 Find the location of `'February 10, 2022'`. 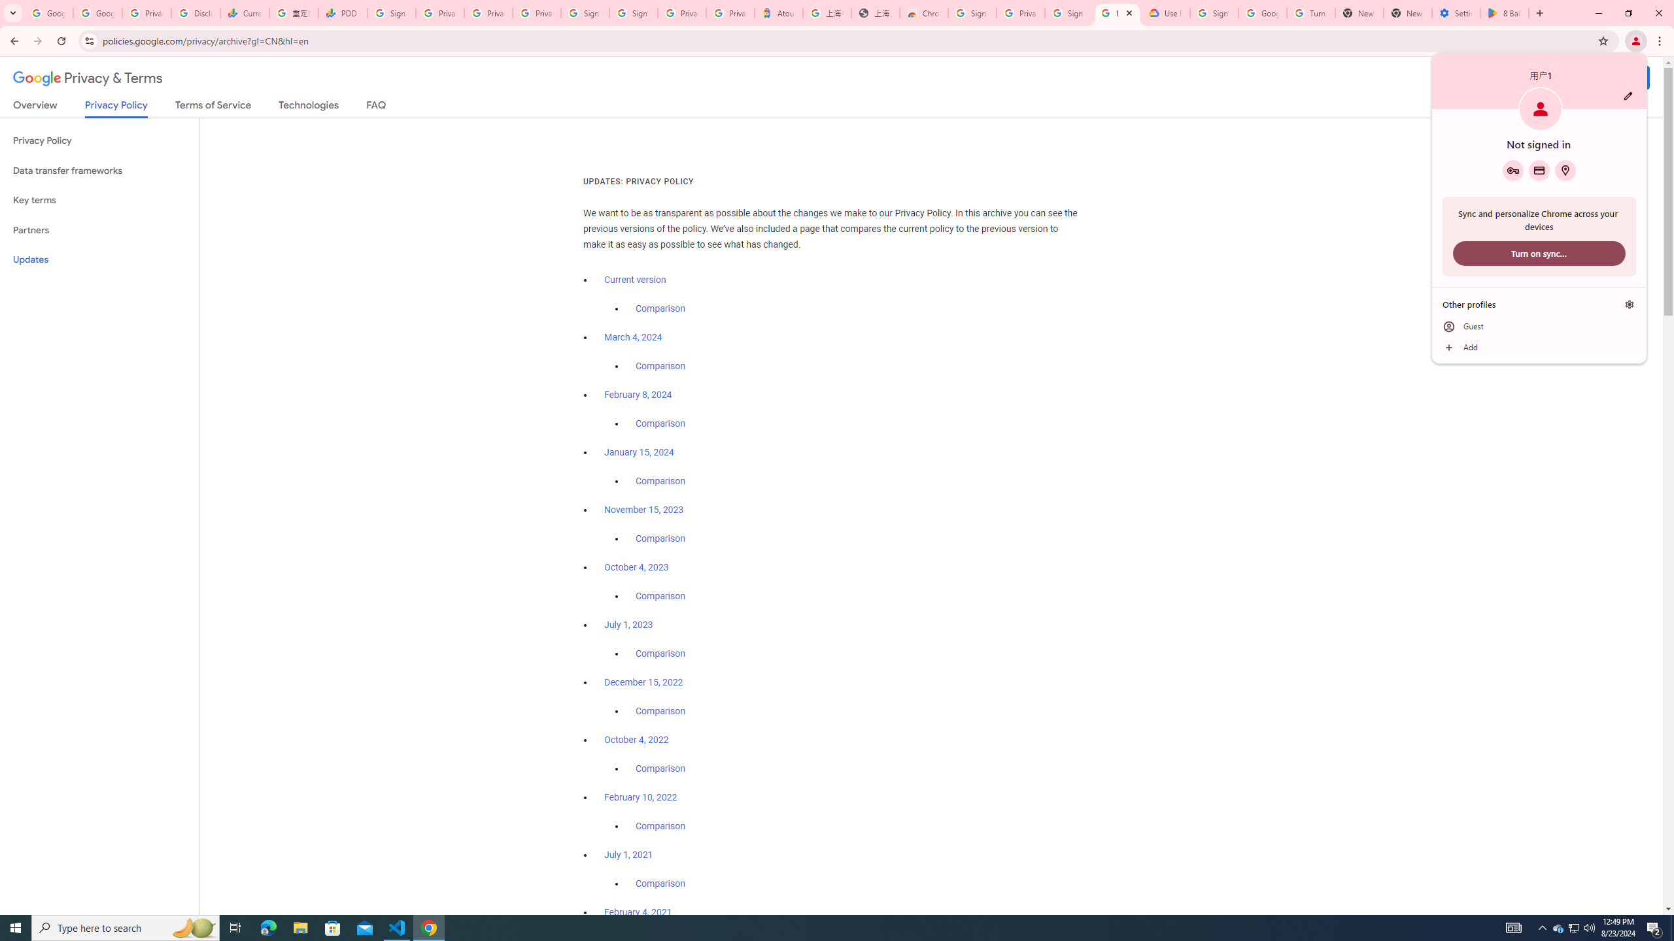

'February 10, 2022' is located at coordinates (640, 796).